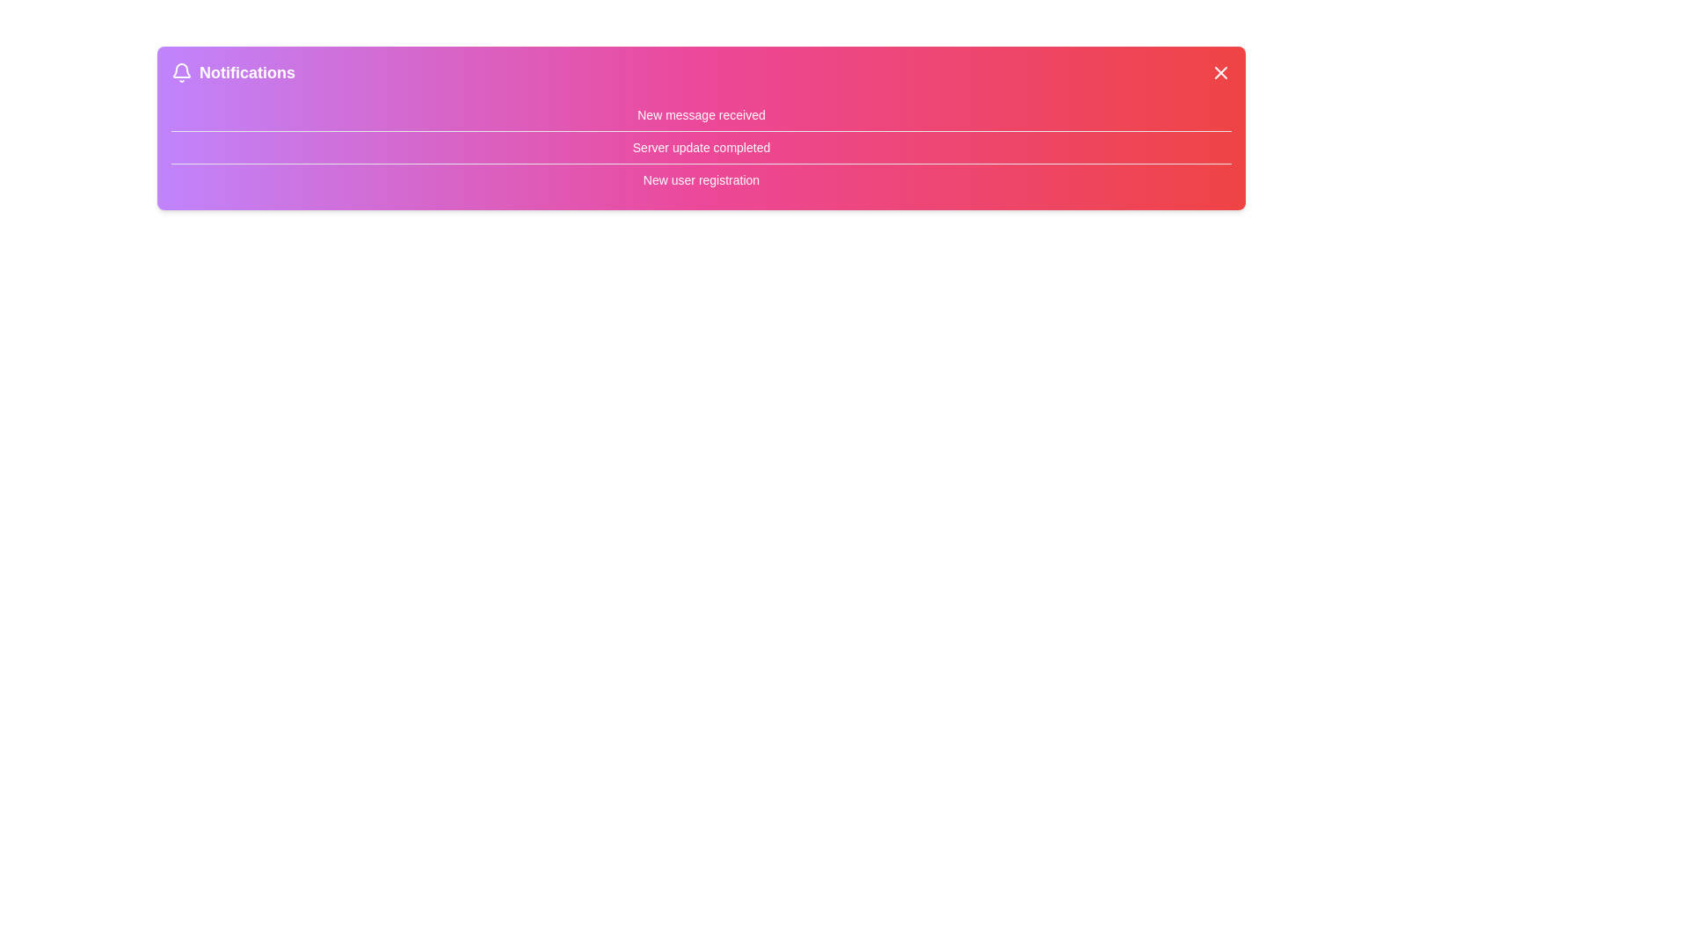 Image resolution: width=1688 pixels, height=950 pixels. I want to click on the close button located in the top-right corner of the notification card with a gradient background from purple to red, so click(1219, 72).